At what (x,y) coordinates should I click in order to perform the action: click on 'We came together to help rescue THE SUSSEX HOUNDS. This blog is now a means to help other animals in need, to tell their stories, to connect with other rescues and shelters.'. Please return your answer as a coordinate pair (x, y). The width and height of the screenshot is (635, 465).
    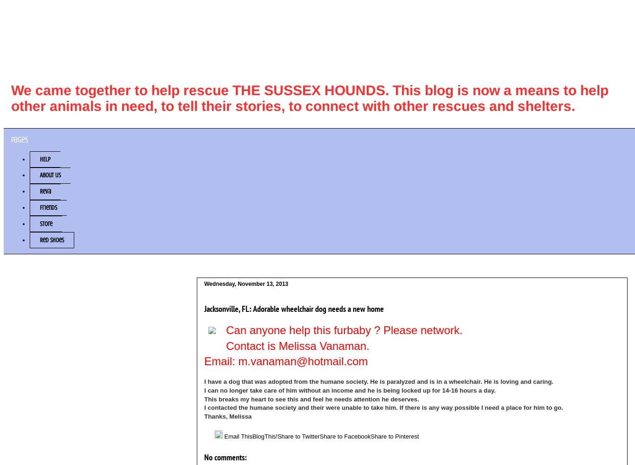
    Looking at the image, I should click on (11, 98).